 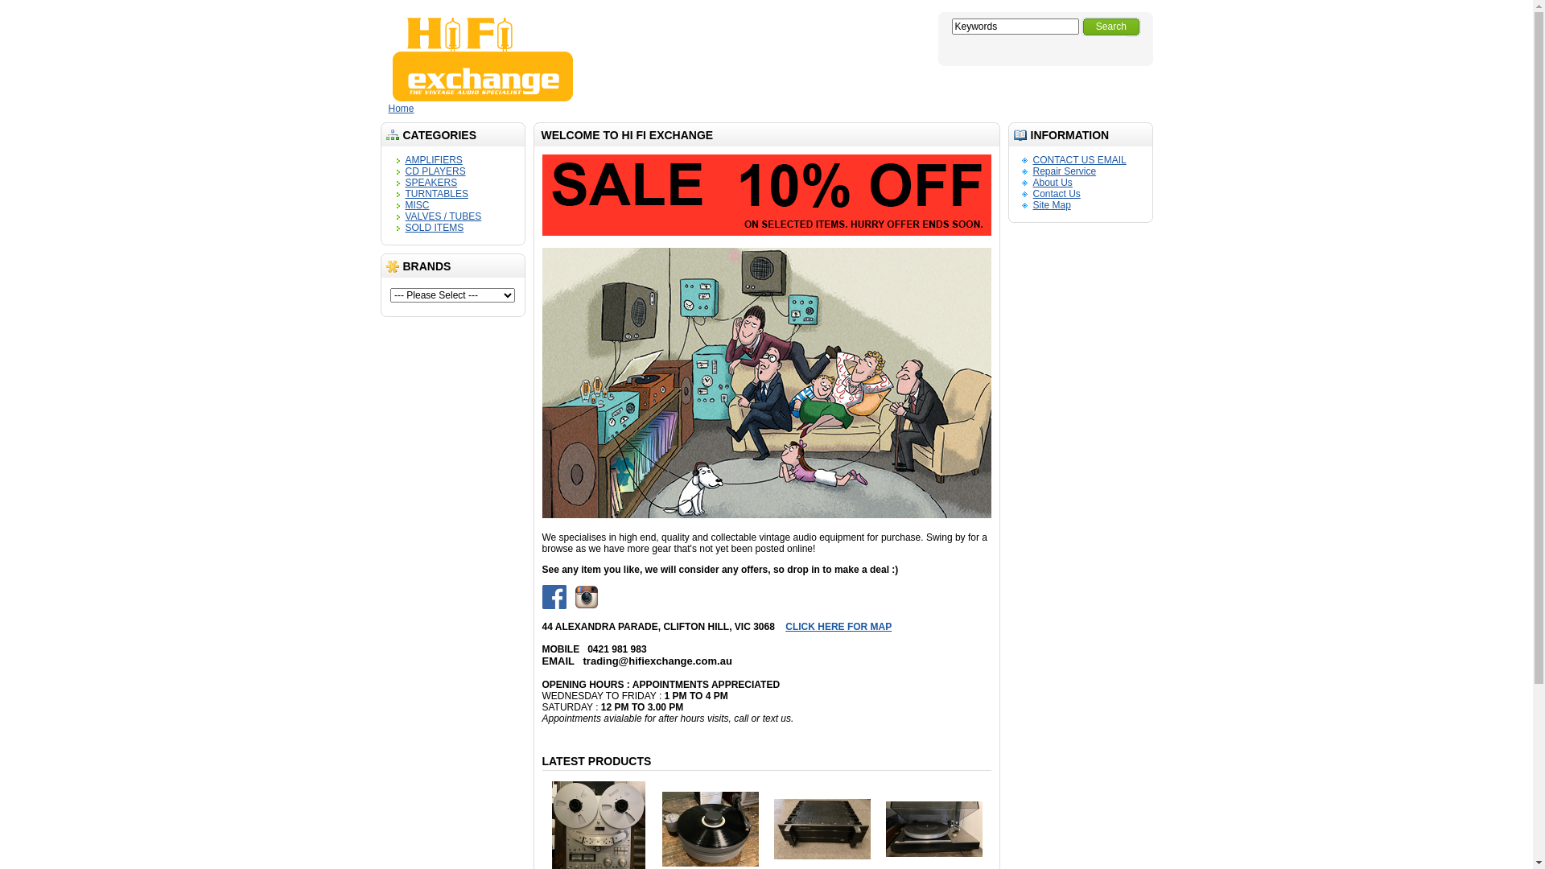 I want to click on 'Search', so click(x=1081, y=27).